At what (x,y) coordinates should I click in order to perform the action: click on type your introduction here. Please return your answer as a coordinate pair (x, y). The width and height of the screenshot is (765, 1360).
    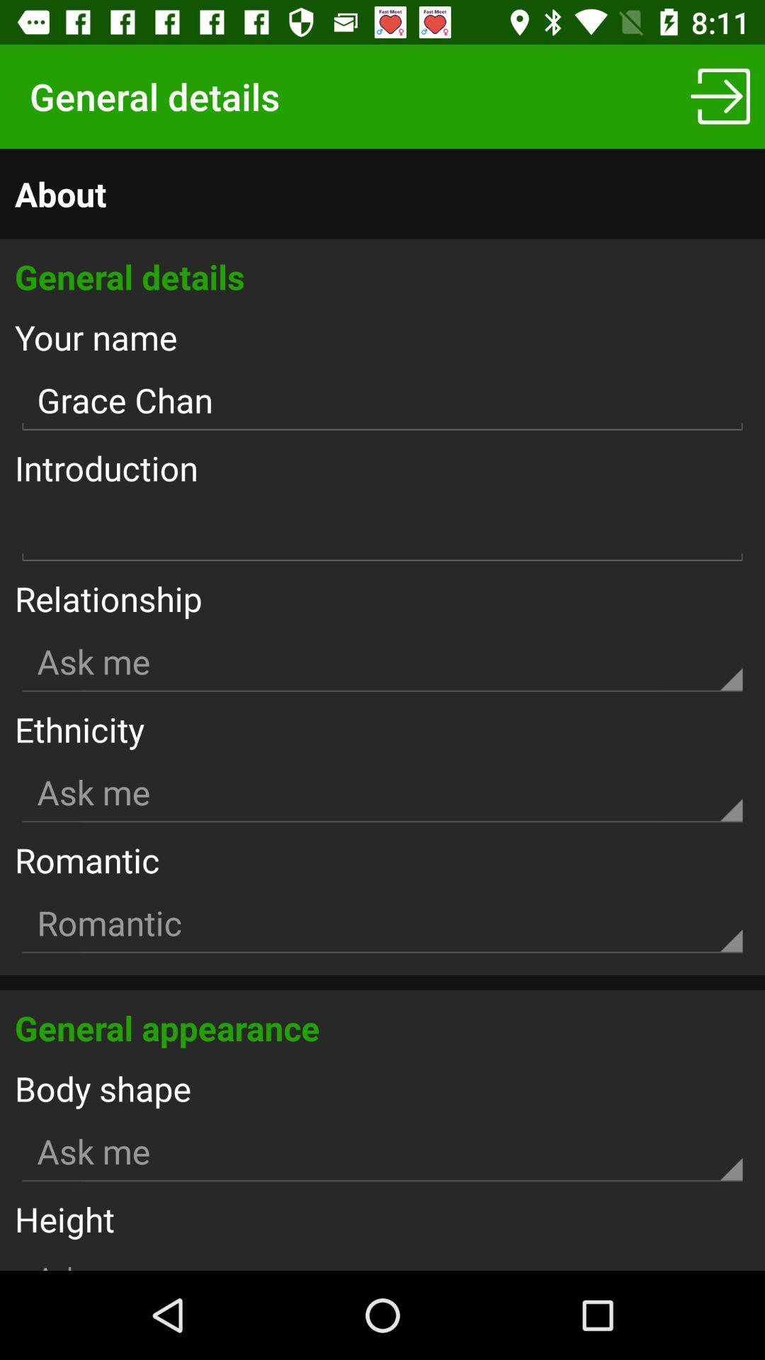
    Looking at the image, I should click on (382, 531).